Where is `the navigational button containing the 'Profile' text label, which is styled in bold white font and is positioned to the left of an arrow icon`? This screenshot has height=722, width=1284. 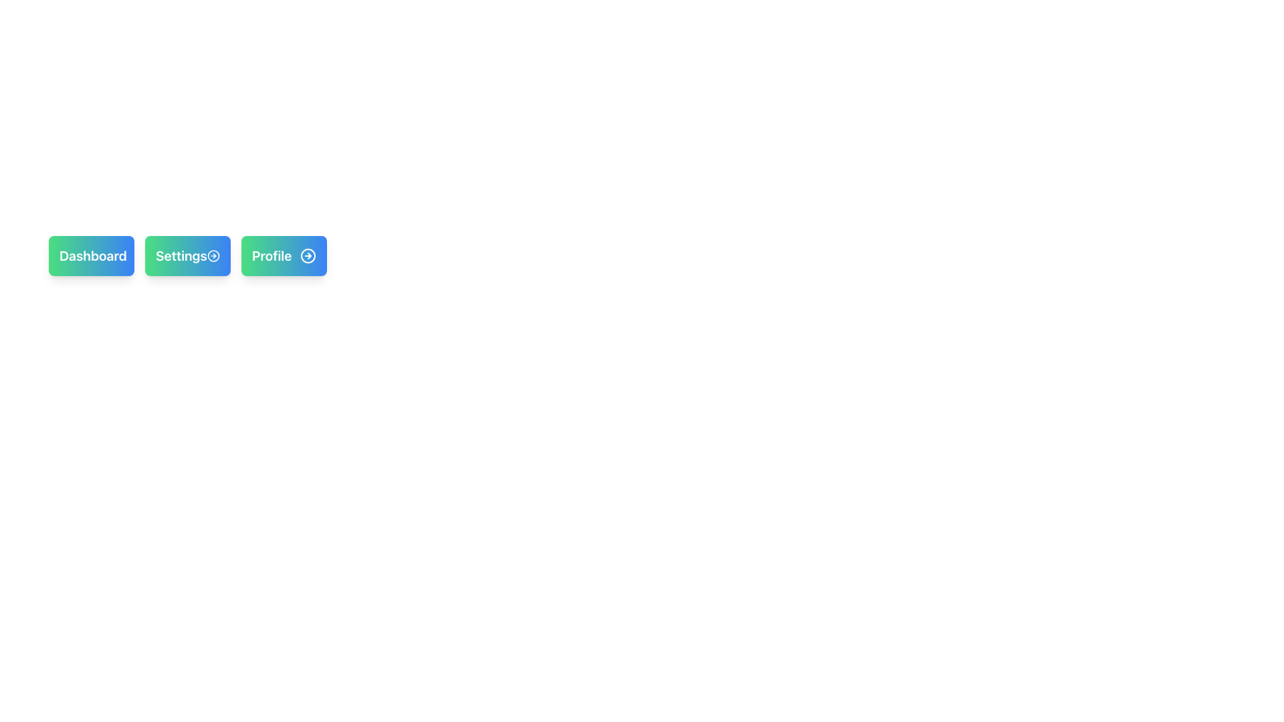
the navigational button containing the 'Profile' text label, which is styled in bold white font and is positioned to the left of an arrow icon is located at coordinates (271, 255).